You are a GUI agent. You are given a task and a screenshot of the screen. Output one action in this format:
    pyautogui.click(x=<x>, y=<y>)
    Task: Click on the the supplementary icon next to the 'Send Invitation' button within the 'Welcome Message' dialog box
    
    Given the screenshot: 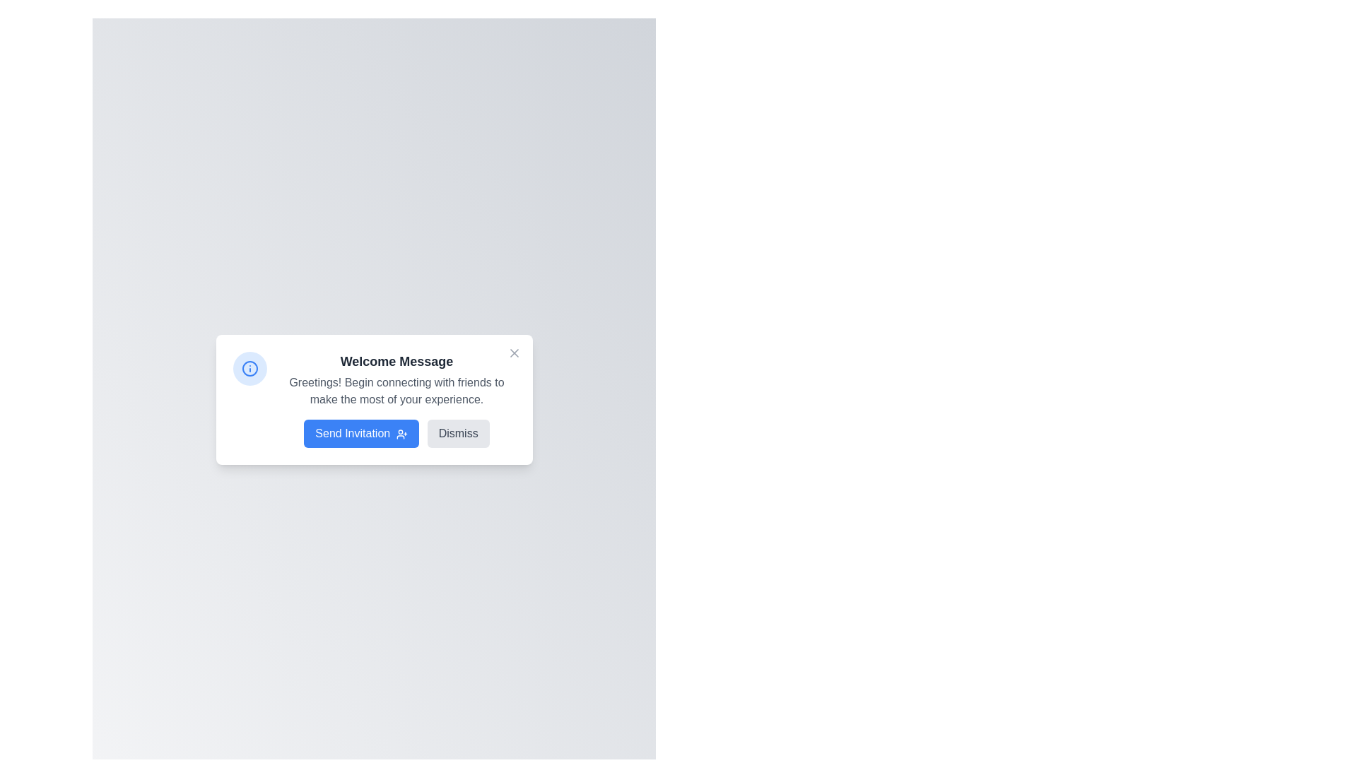 What is the action you would take?
    pyautogui.click(x=401, y=433)
    